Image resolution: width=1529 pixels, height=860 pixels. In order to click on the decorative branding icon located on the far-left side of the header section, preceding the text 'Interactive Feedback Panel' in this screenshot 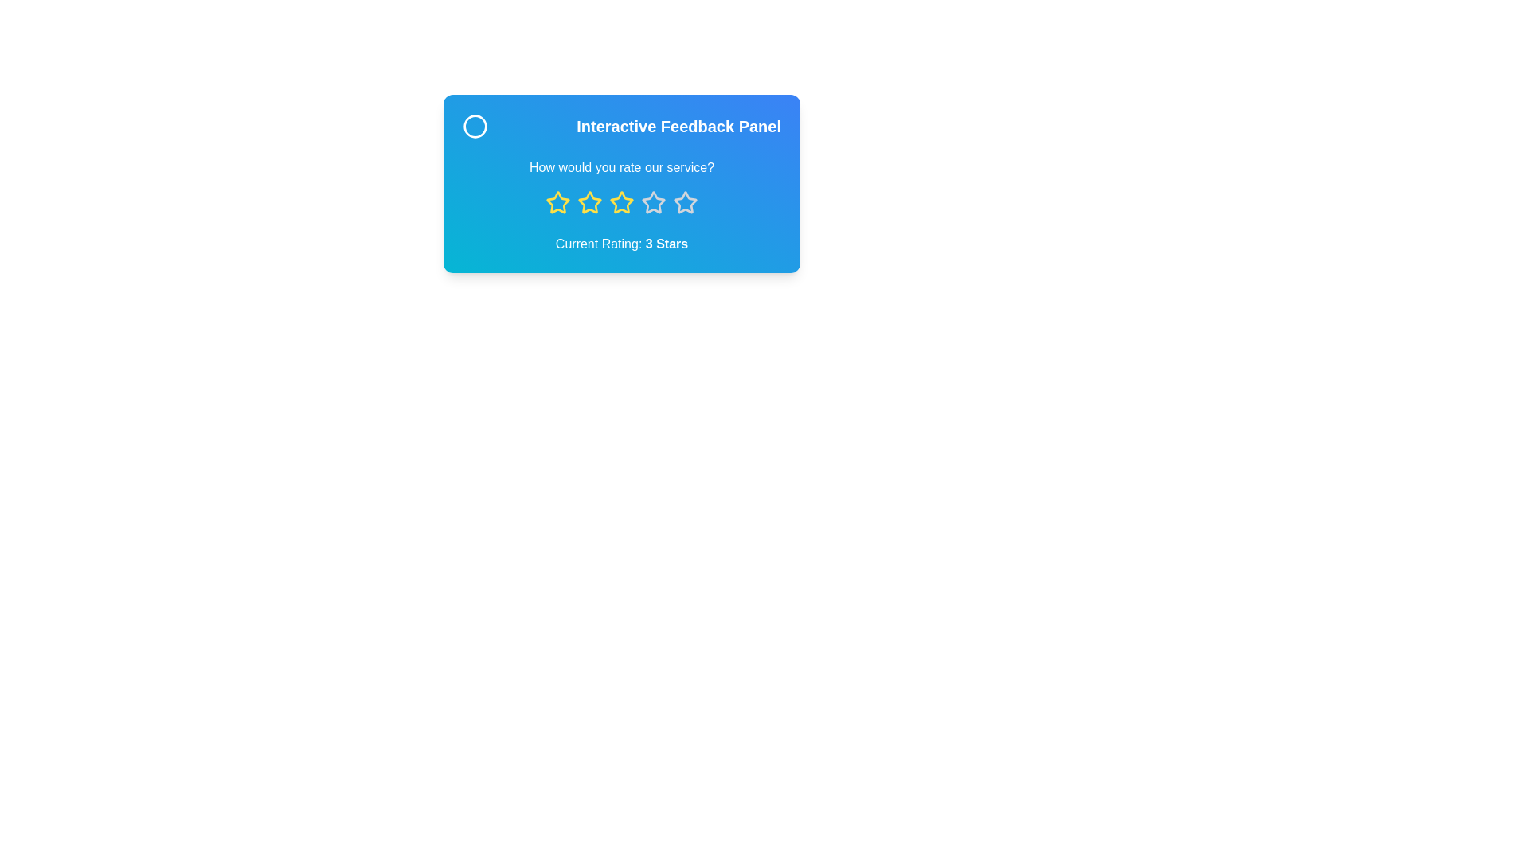, I will do `click(474, 125)`.